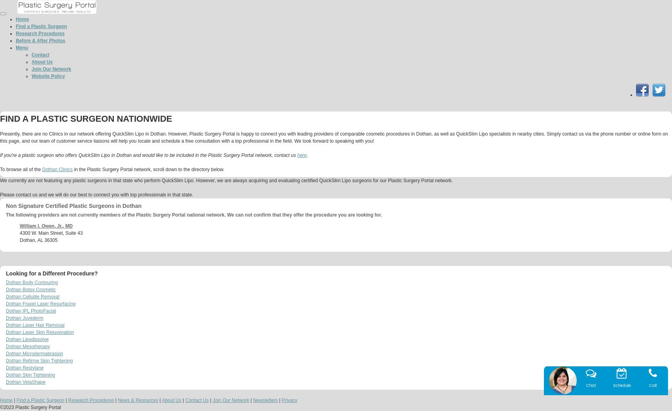  Describe the element at coordinates (307, 155) in the screenshot. I see `'.'` at that location.